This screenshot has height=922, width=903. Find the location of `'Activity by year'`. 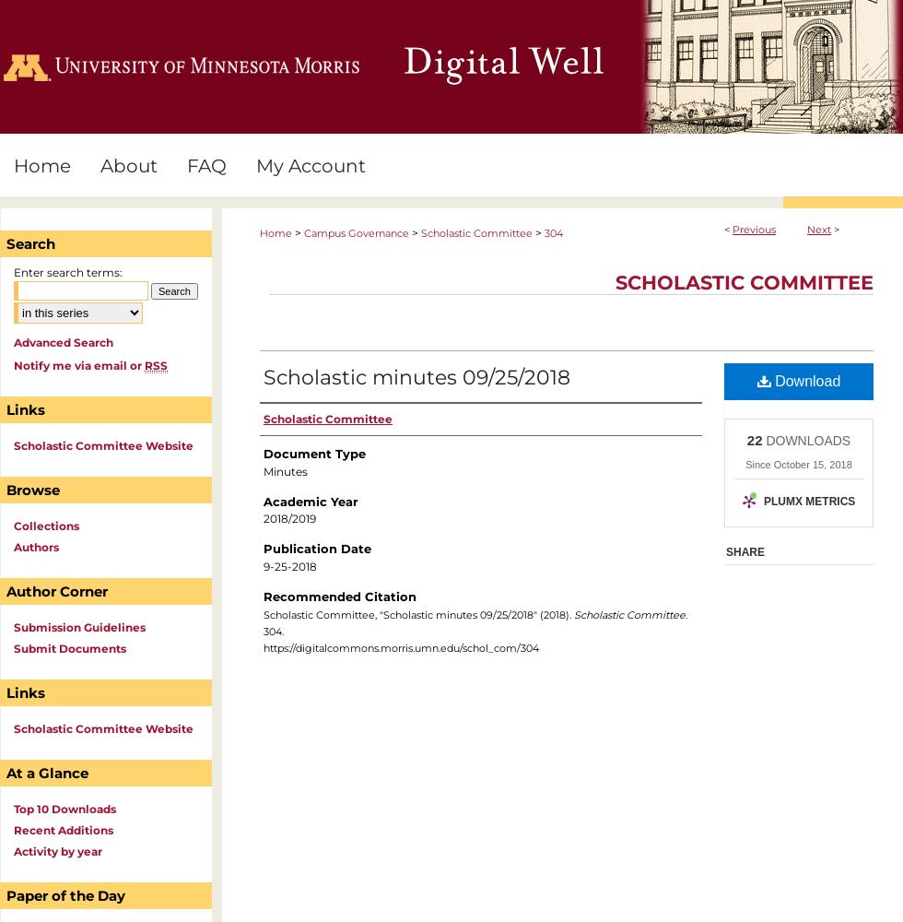

'Activity by year' is located at coordinates (57, 851).